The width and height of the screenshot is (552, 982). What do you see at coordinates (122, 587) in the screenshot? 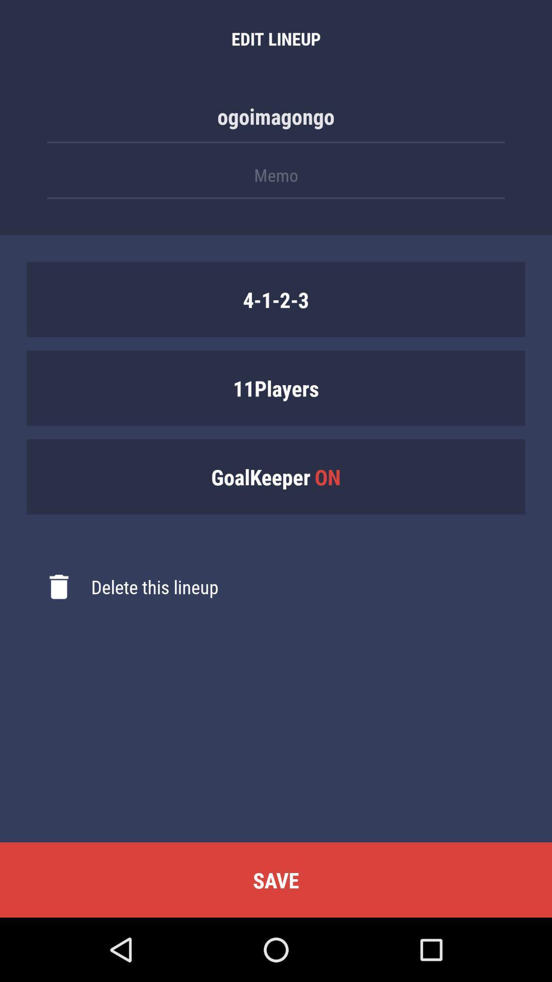
I see `icon above save icon` at bounding box center [122, 587].